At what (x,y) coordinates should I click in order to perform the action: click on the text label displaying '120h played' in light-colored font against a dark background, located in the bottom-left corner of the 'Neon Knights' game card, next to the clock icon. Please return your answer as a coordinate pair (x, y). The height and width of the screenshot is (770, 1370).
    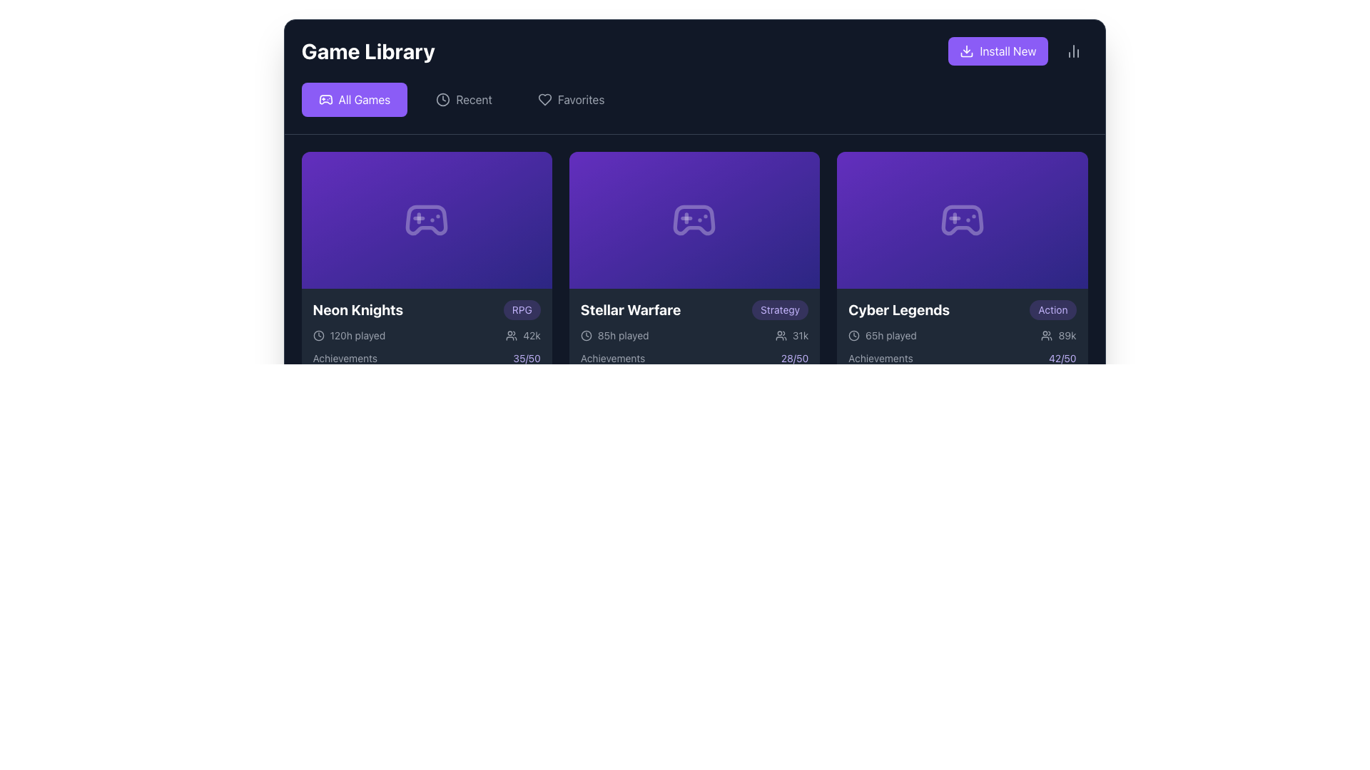
    Looking at the image, I should click on (357, 335).